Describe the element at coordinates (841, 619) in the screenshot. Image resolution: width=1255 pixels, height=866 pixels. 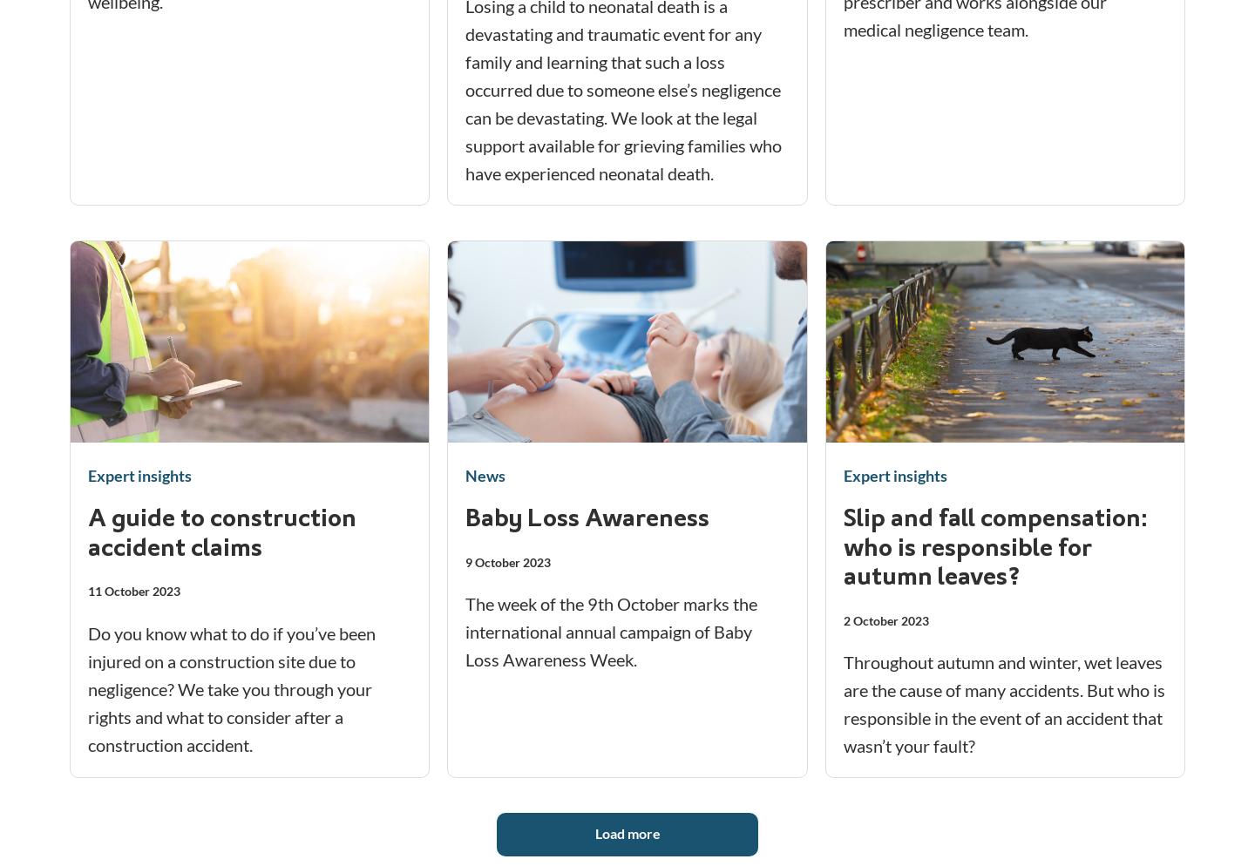
I see `'2 October 2023'` at that location.